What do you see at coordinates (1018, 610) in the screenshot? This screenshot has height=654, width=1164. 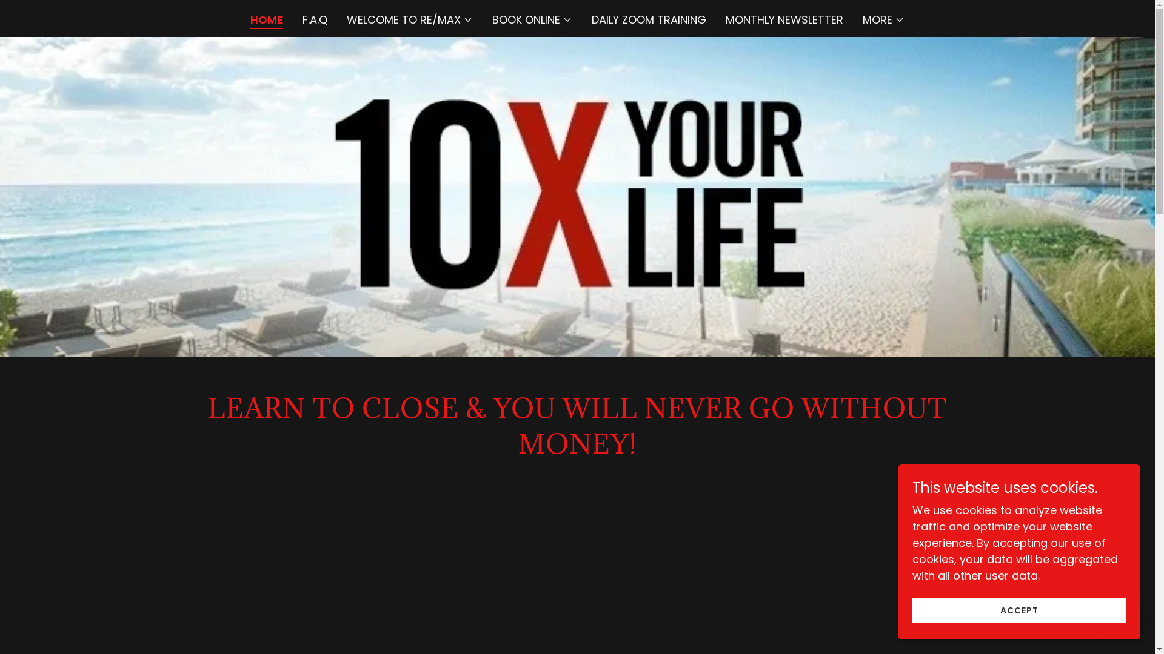 I see `'ACCEPT'` at bounding box center [1018, 610].